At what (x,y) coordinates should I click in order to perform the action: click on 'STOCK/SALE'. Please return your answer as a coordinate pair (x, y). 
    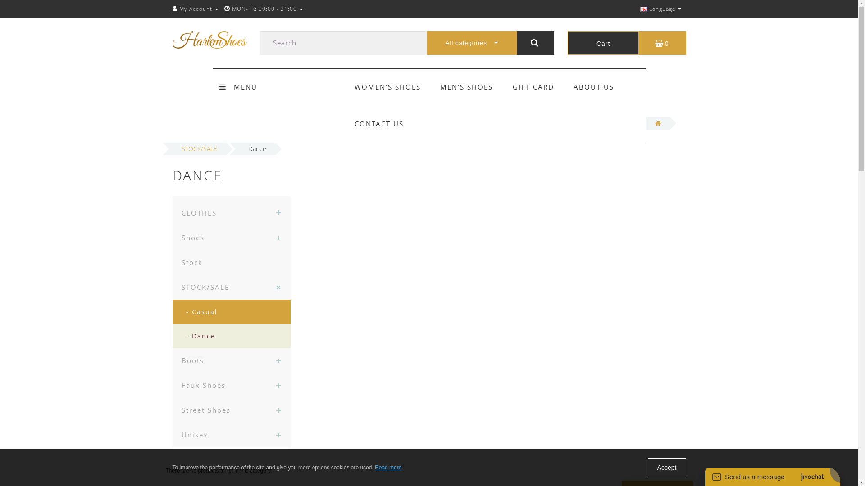
    Looking at the image, I should click on (231, 287).